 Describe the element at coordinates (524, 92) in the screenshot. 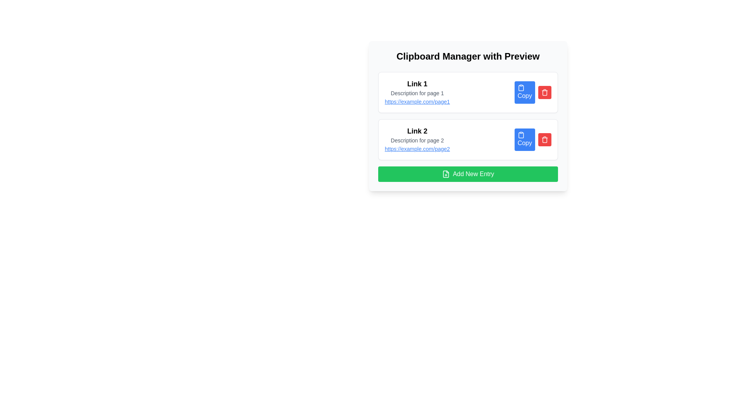

I see `the blue 'Copy' button with a clipboard icon to copy the associated content` at that location.